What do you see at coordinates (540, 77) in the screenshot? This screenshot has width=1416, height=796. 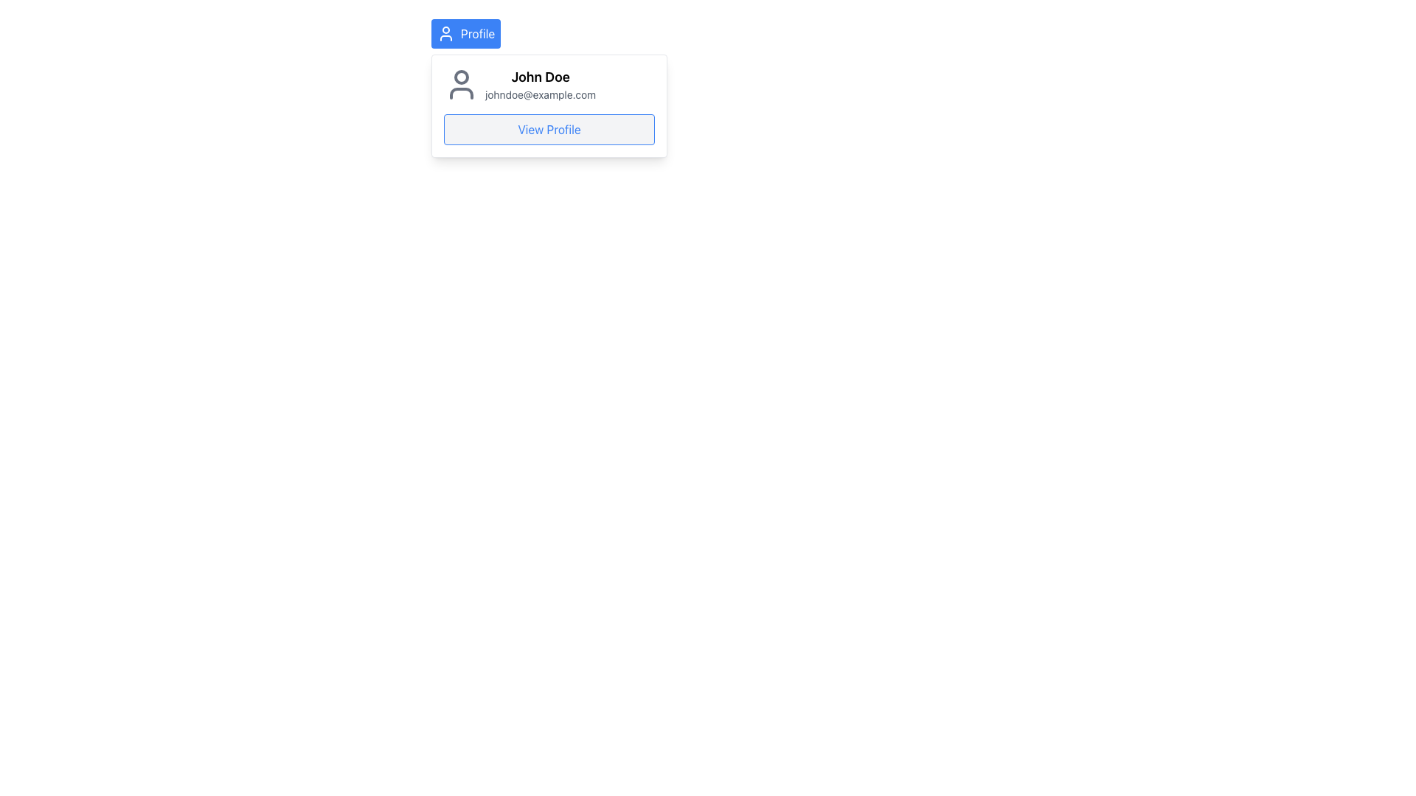 I see `the text label that displays the profile name, which is located above the email 'johndoe@example.com' in the profile card interface` at bounding box center [540, 77].